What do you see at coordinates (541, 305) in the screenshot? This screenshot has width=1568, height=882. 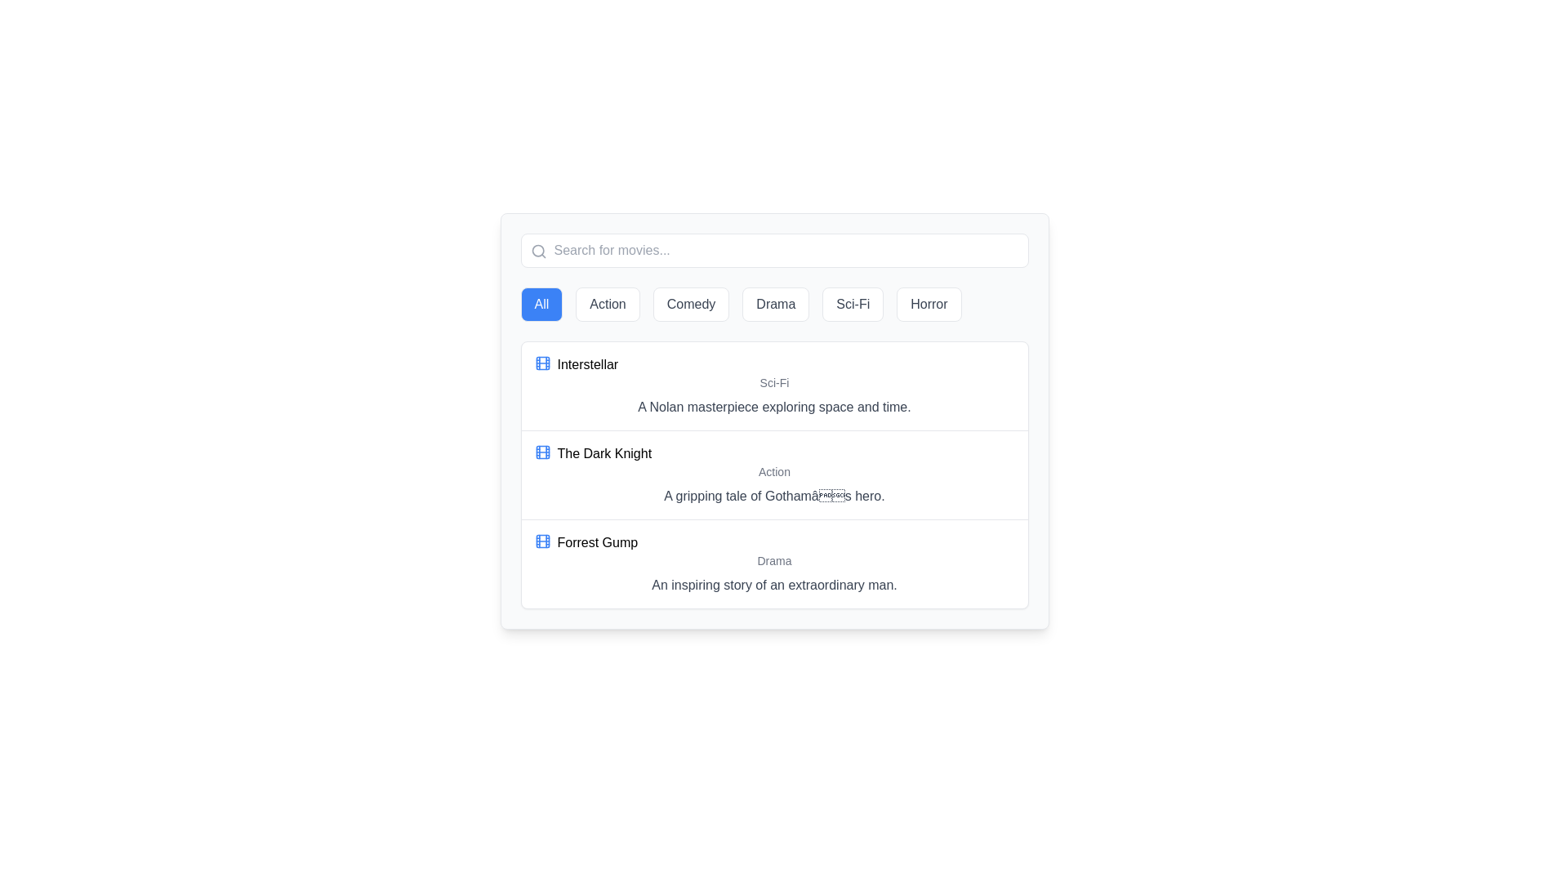 I see `the button with rounded corners, blue background, and white text labeled 'All', which is the first button in a horizontal list located below the search bar` at bounding box center [541, 305].